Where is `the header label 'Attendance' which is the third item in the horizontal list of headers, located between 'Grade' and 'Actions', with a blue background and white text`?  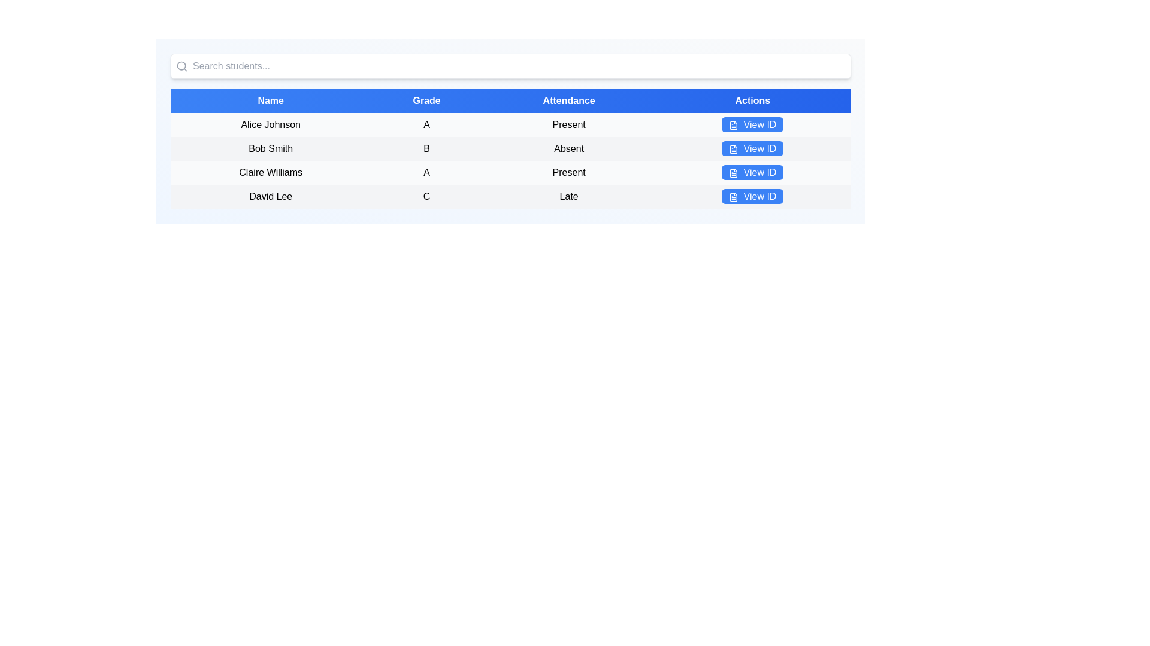
the header label 'Attendance' which is the third item in the horizontal list of headers, located between 'Grade' and 'Actions', with a blue background and white text is located at coordinates (568, 100).